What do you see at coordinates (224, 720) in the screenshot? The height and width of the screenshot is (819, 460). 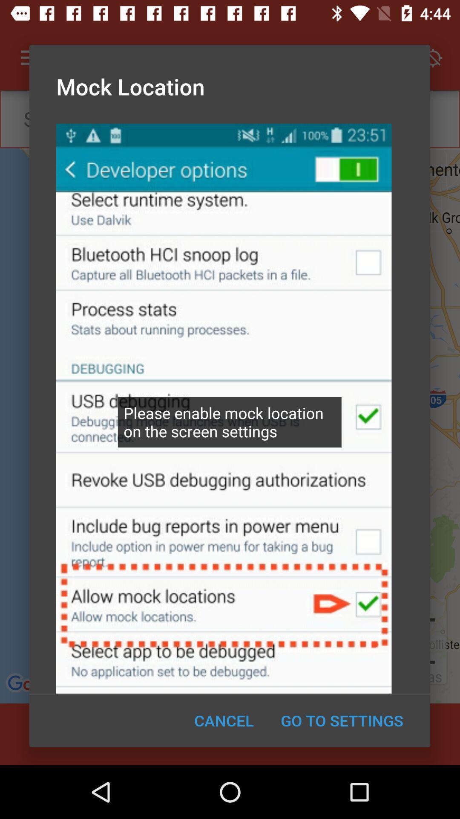 I see `the item next to the go to settings item` at bounding box center [224, 720].